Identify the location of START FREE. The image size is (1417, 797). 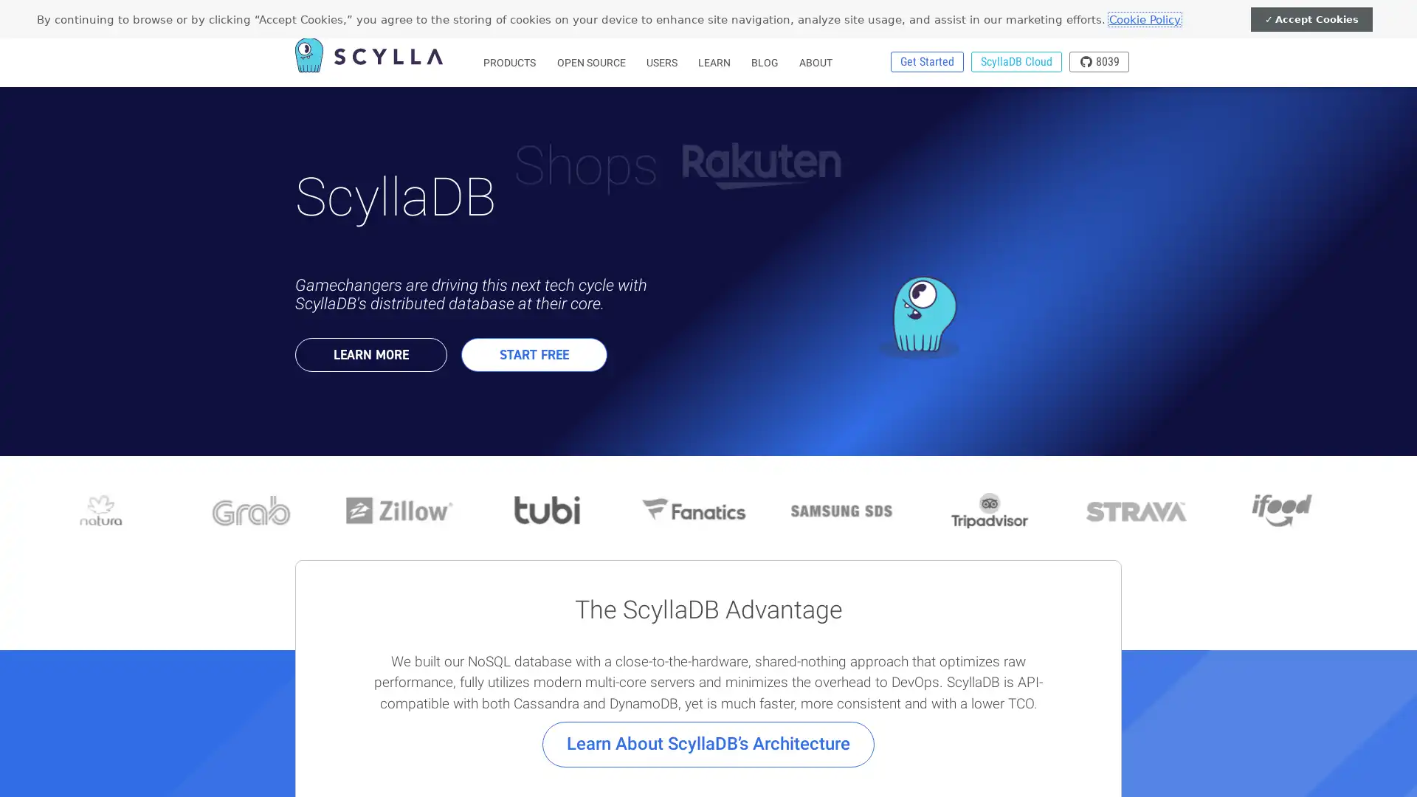
(534, 354).